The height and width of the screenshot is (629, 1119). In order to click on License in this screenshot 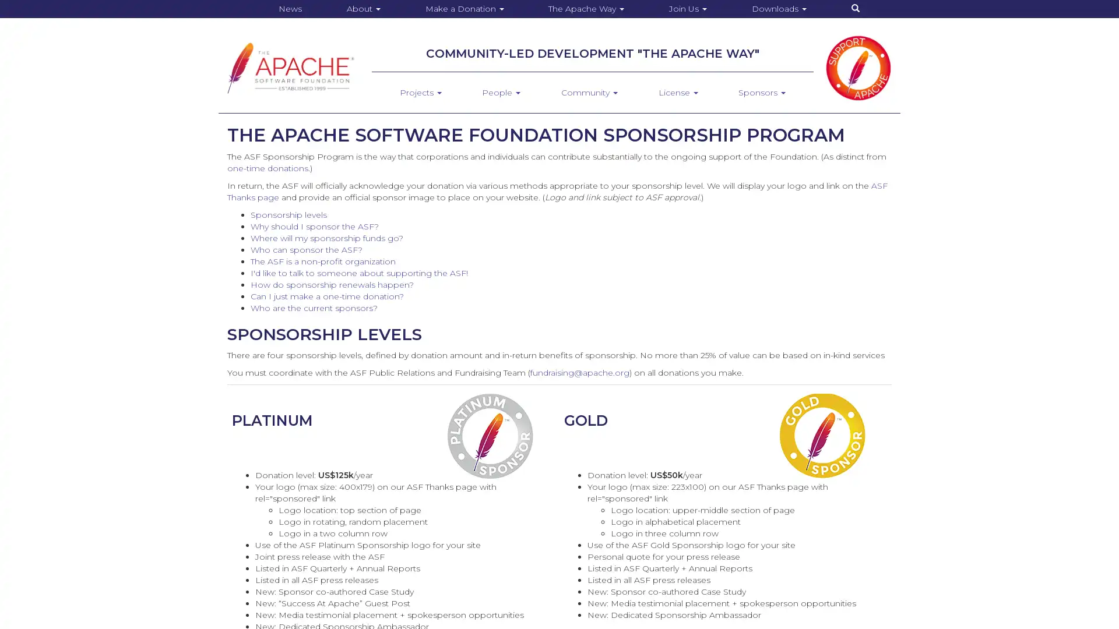, I will do `click(677, 91)`.